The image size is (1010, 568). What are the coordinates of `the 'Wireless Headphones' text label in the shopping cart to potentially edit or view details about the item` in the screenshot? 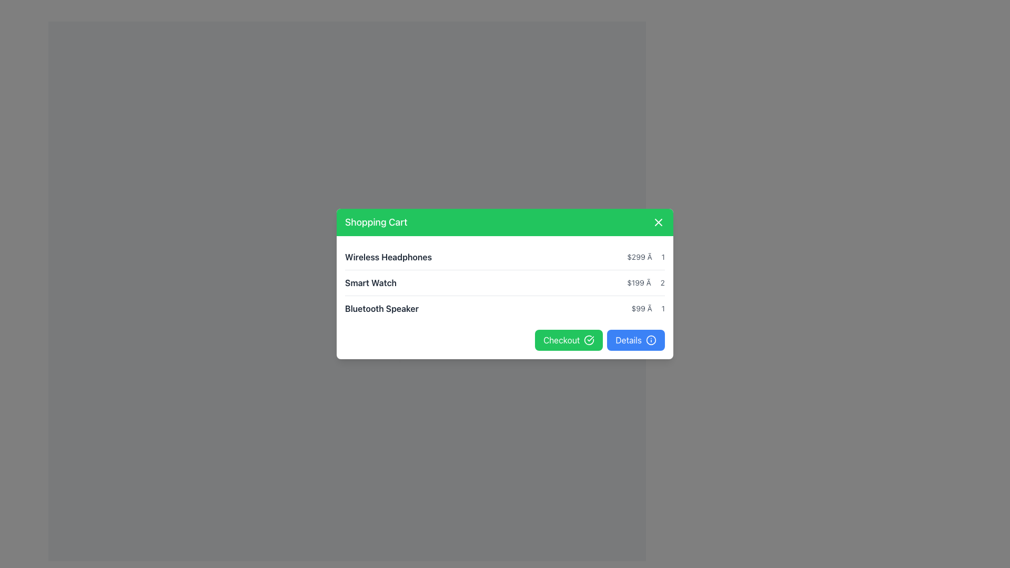 It's located at (388, 257).